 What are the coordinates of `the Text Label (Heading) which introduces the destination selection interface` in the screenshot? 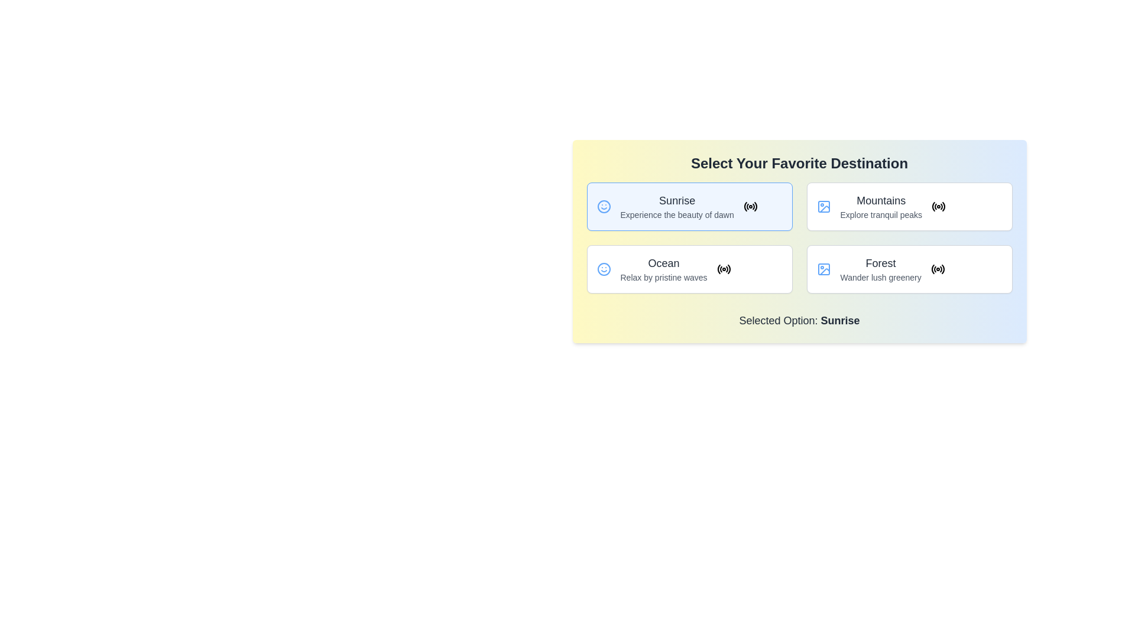 It's located at (799, 164).